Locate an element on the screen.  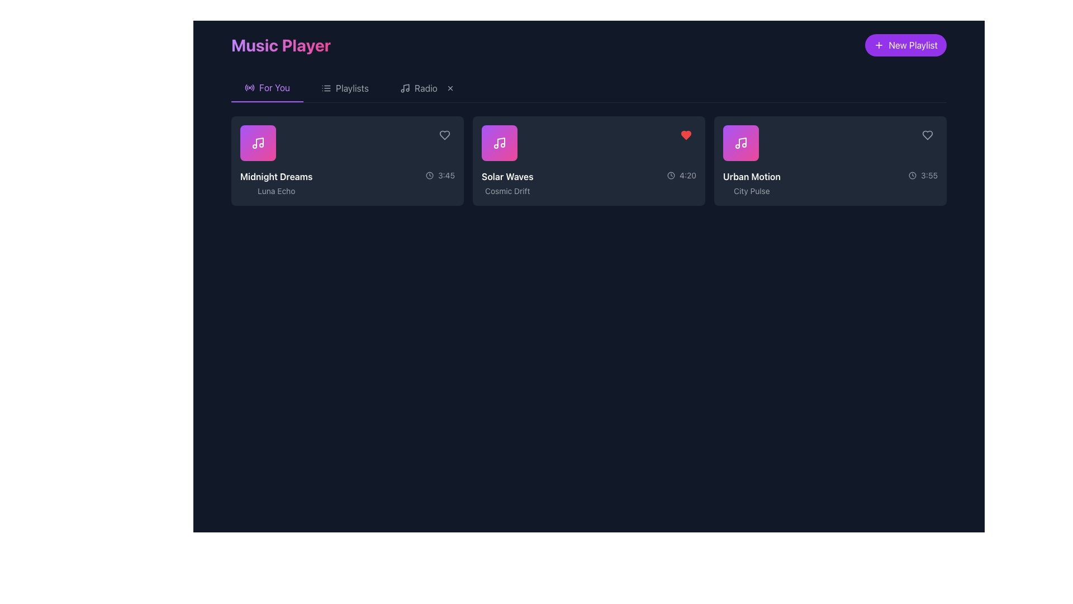
the Navigation Tab located at the top left of the interface is located at coordinates (267, 88).